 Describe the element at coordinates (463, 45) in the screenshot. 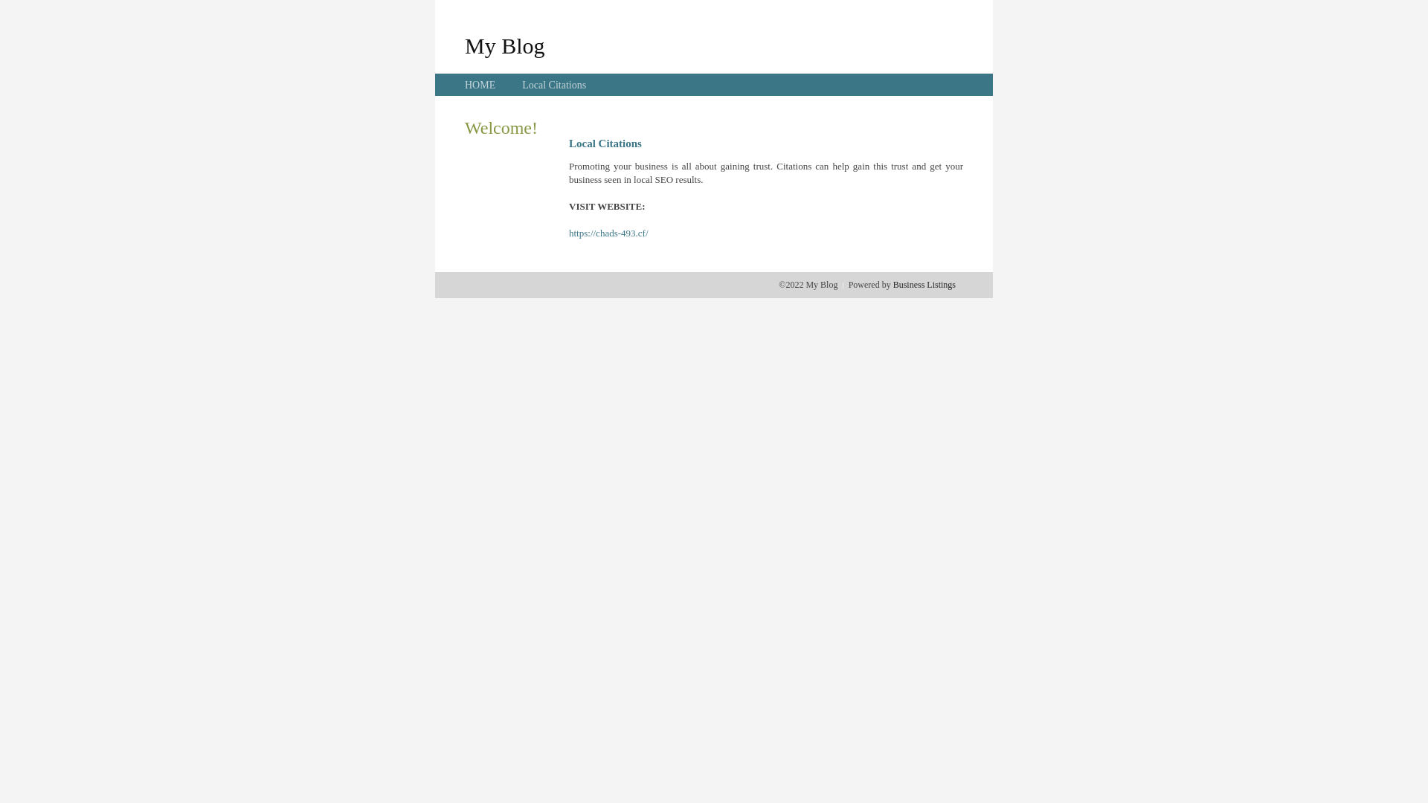

I see `'My Blog'` at that location.